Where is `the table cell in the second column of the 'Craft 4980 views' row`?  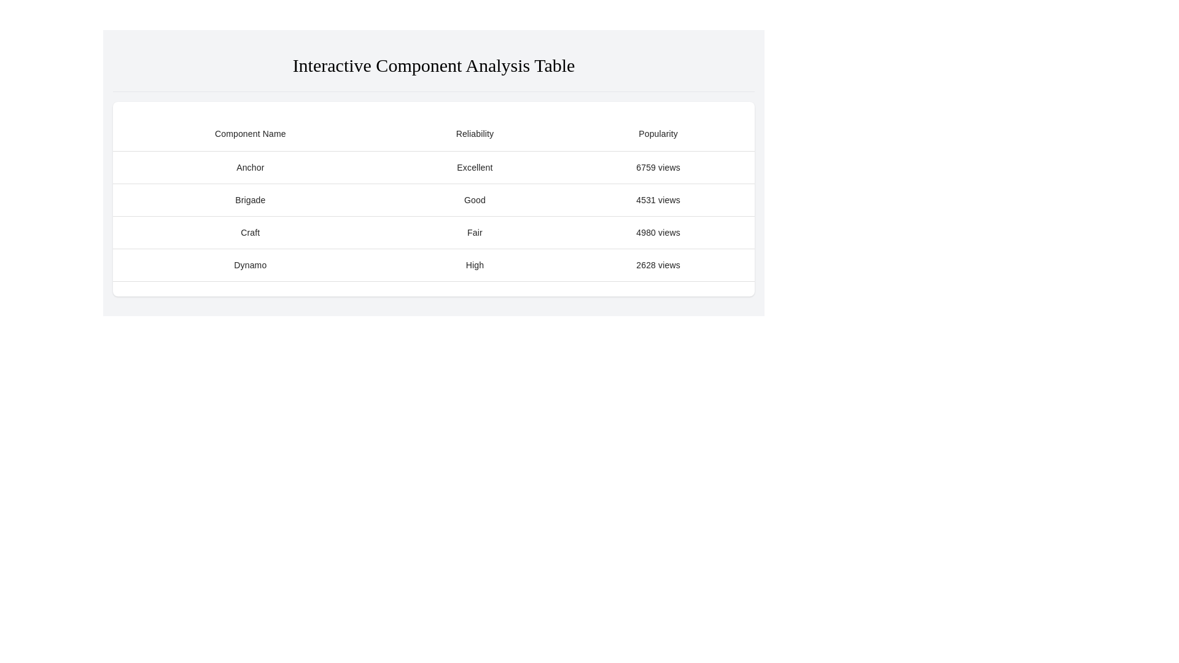 the table cell in the second column of the 'Craft 4980 views' row is located at coordinates (474, 233).